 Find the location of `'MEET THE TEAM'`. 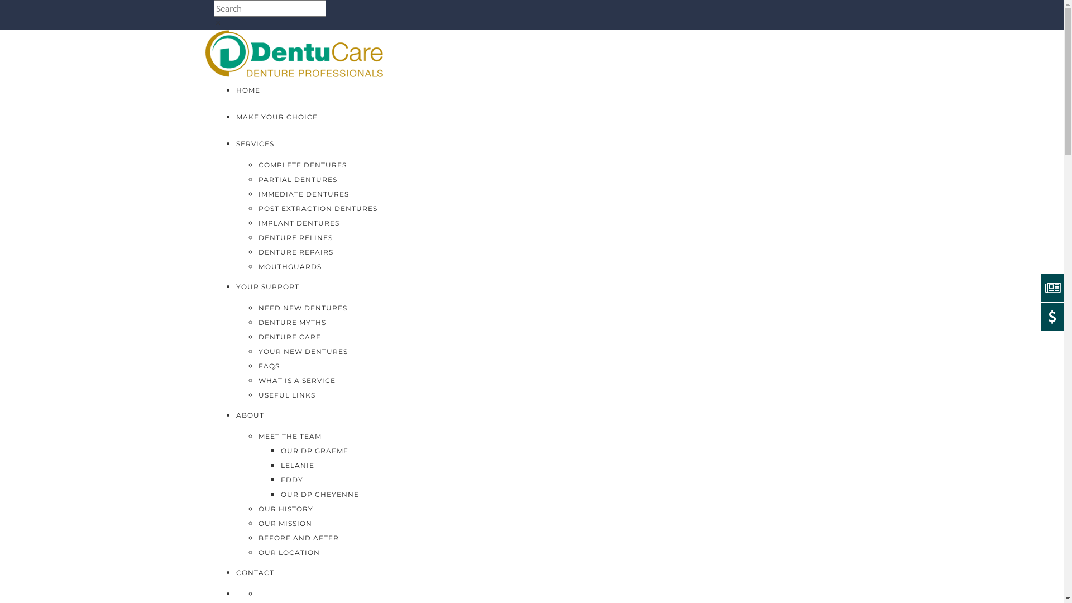

'MEET THE TEAM' is located at coordinates (289, 435).